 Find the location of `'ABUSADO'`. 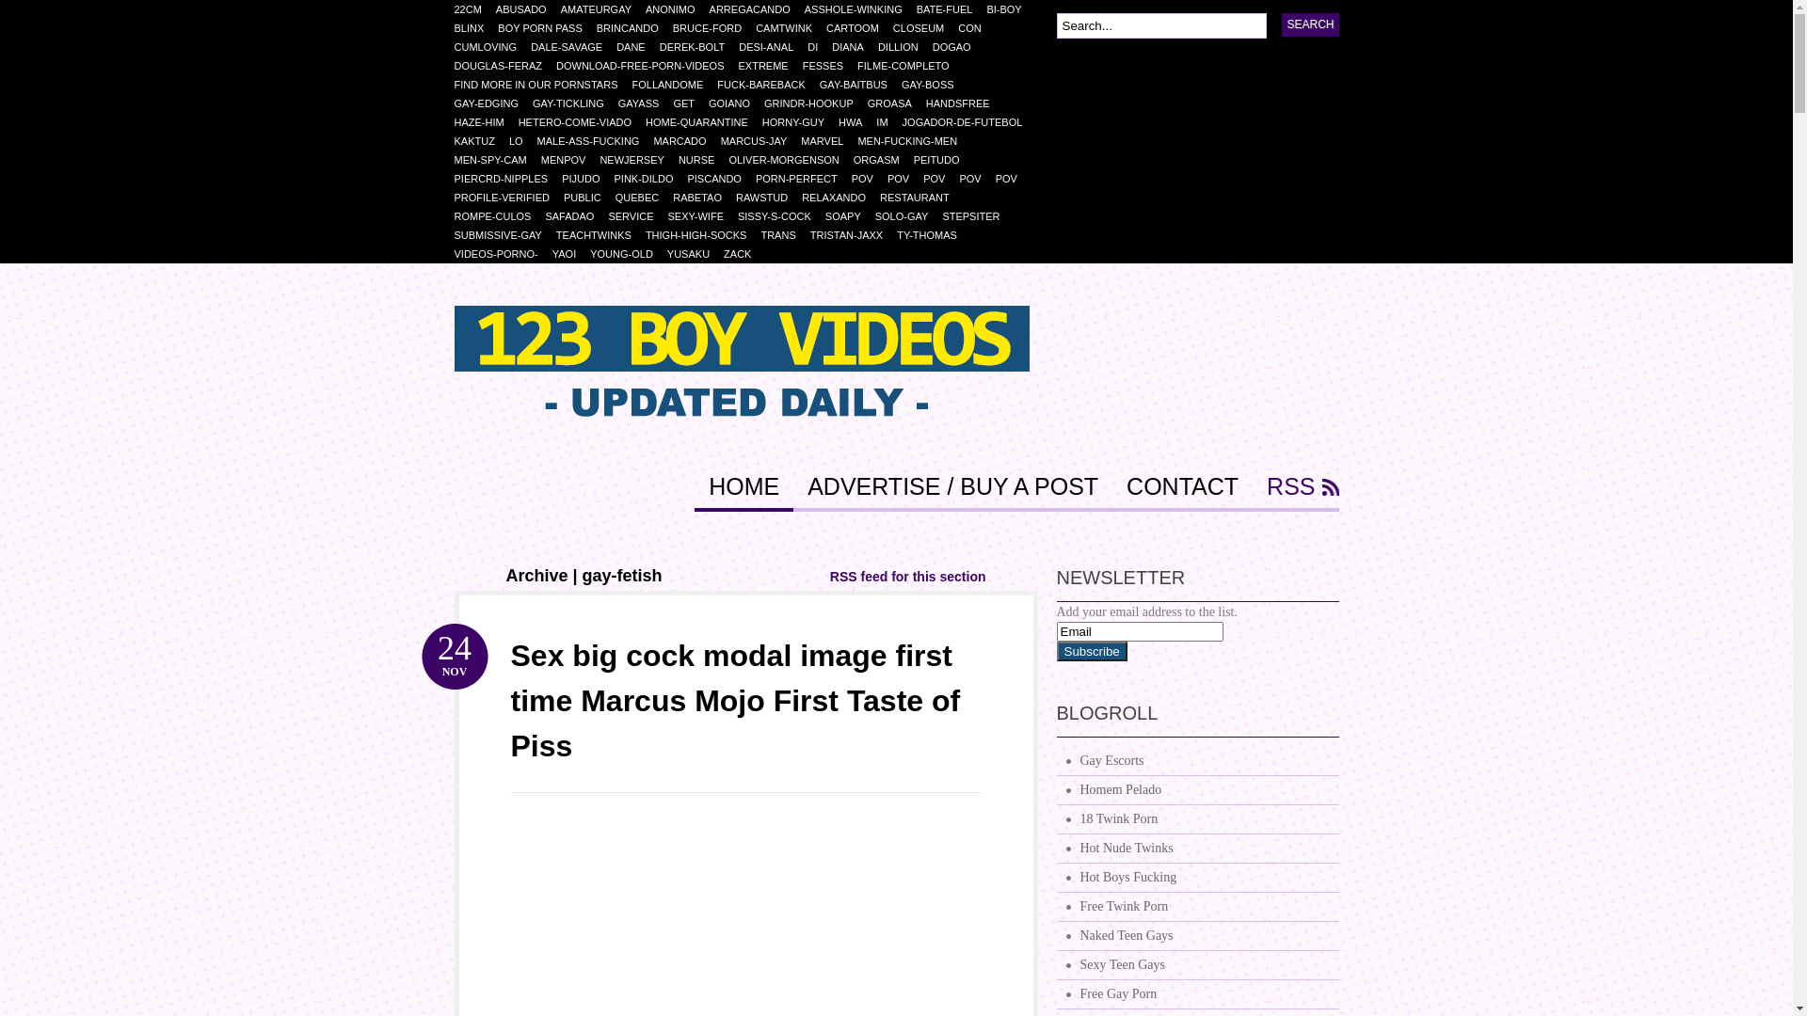

'ABUSADO' is located at coordinates (527, 9).